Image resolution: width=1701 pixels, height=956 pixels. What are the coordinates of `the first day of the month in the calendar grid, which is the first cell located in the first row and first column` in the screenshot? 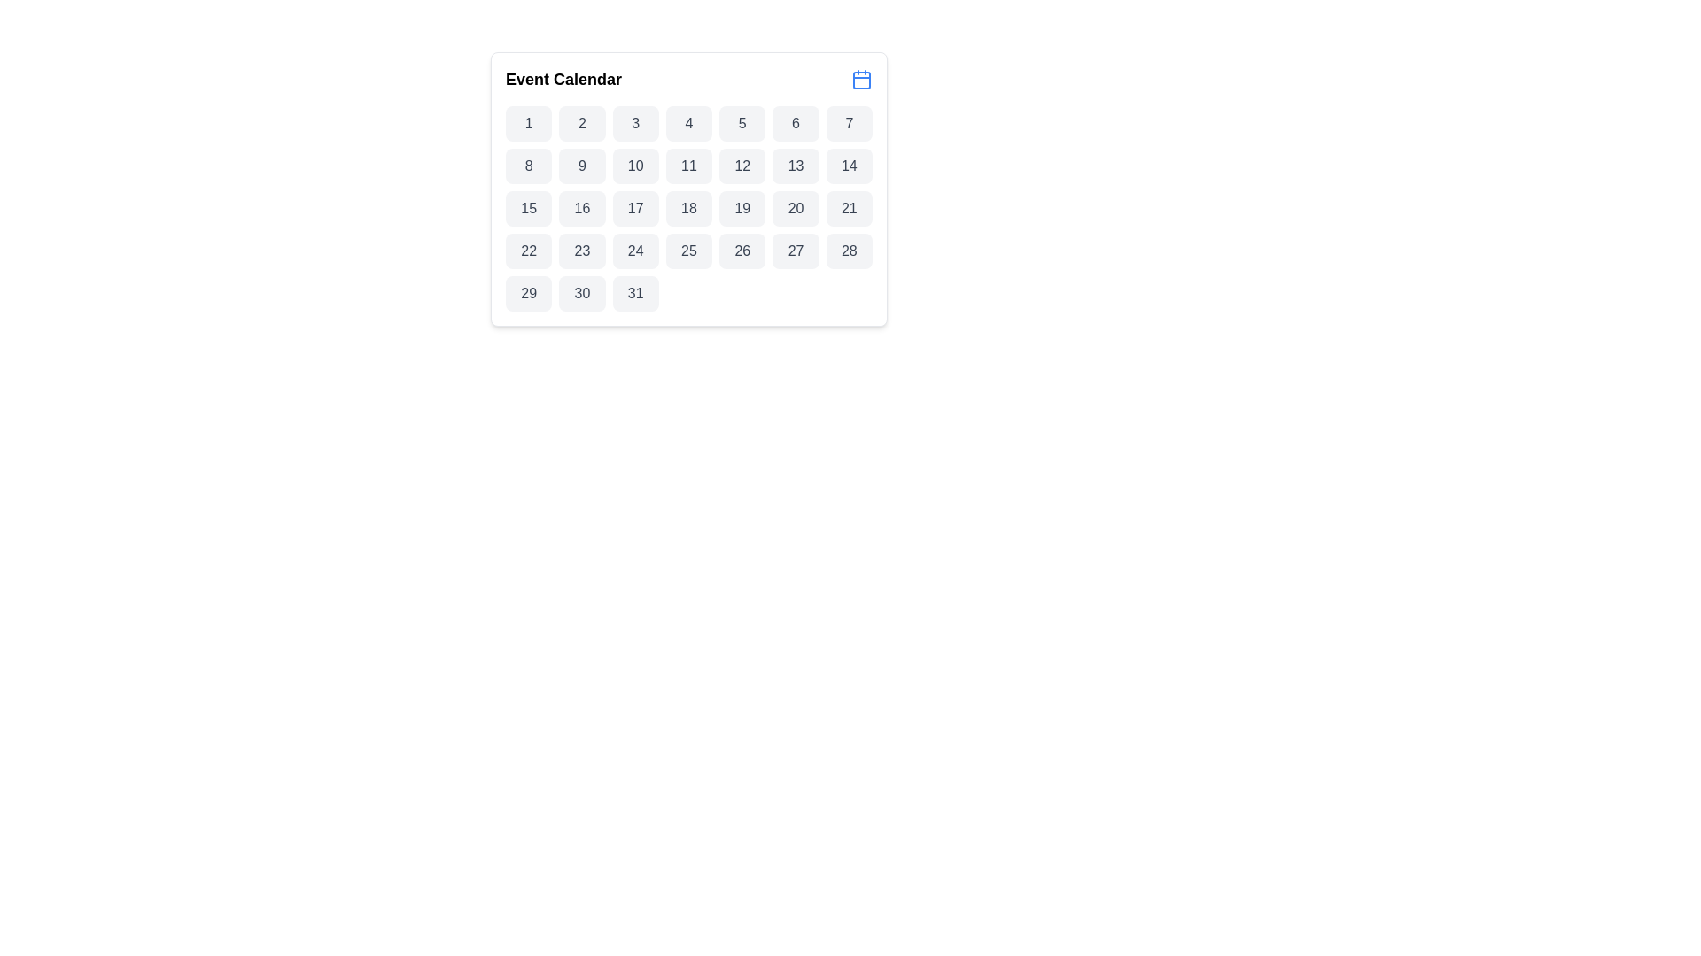 It's located at (528, 122).